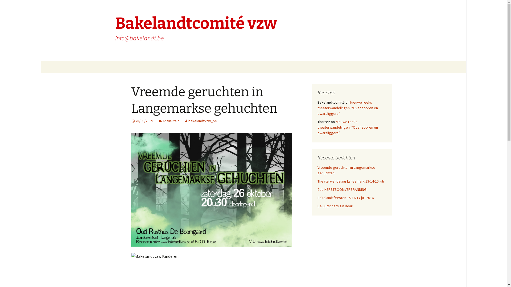 The height and width of the screenshot is (287, 511). I want to click on 'Theaterwandeling Langemark 13-14-15 juli', so click(317, 181).